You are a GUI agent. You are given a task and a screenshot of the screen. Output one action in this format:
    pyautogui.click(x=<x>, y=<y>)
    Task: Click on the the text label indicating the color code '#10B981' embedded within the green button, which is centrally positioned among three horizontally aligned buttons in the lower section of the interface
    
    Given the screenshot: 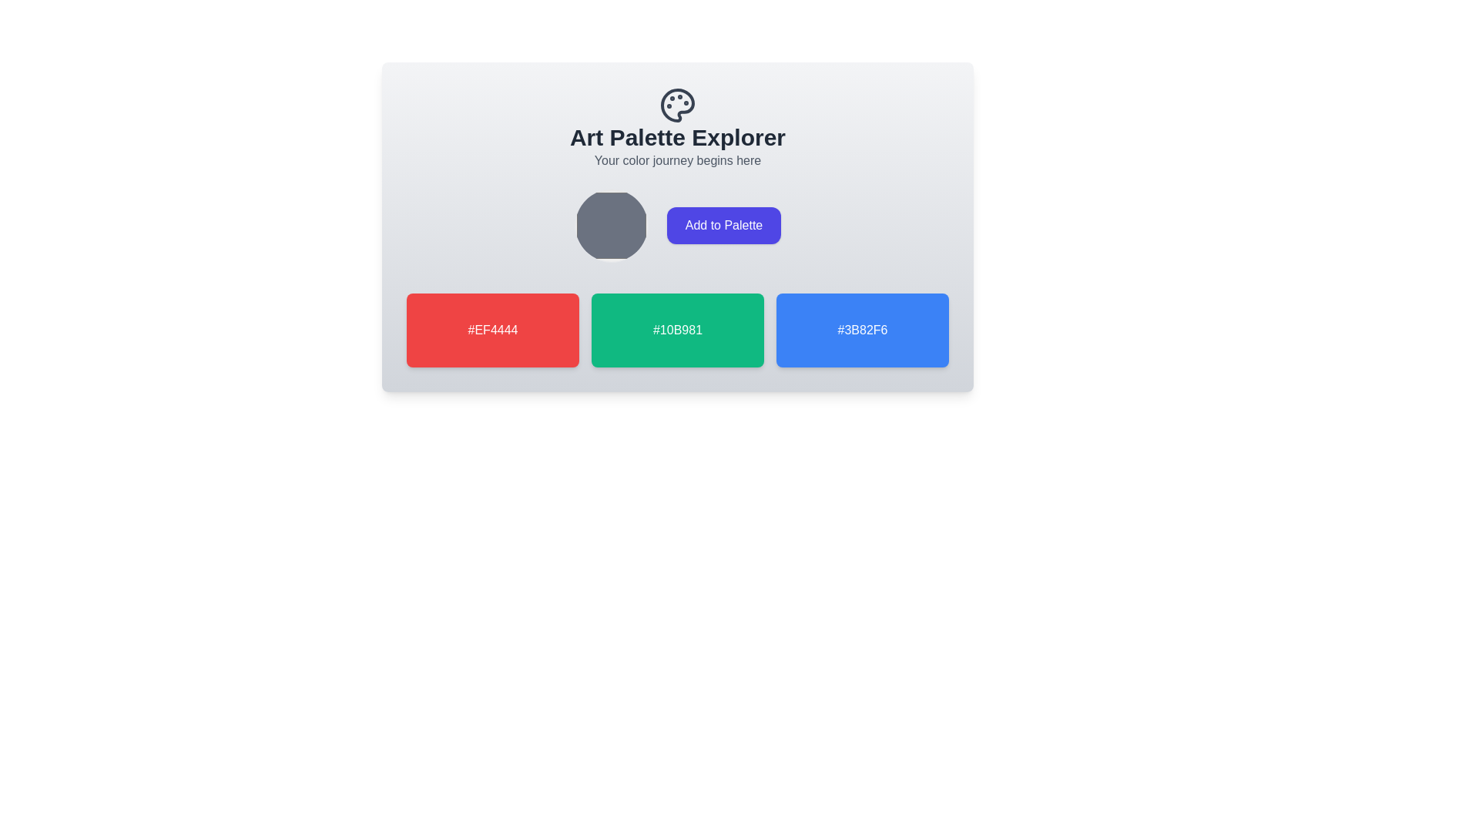 What is the action you would take?
    pyautogui.click(x=677, y=329)
    